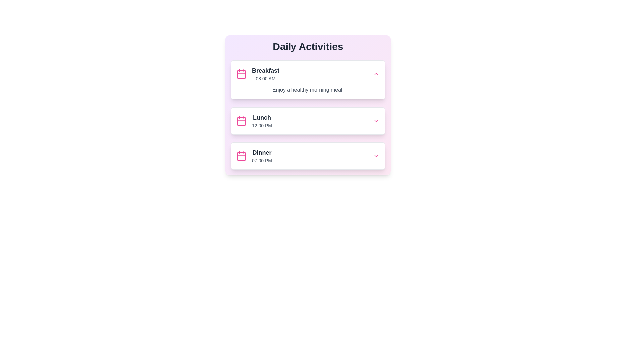  What do you see at coordinates (376, 74) in the screenshot?
I see `the collapse/expand button for the 'Breakfast' entry` at bounding box center [376, 74].